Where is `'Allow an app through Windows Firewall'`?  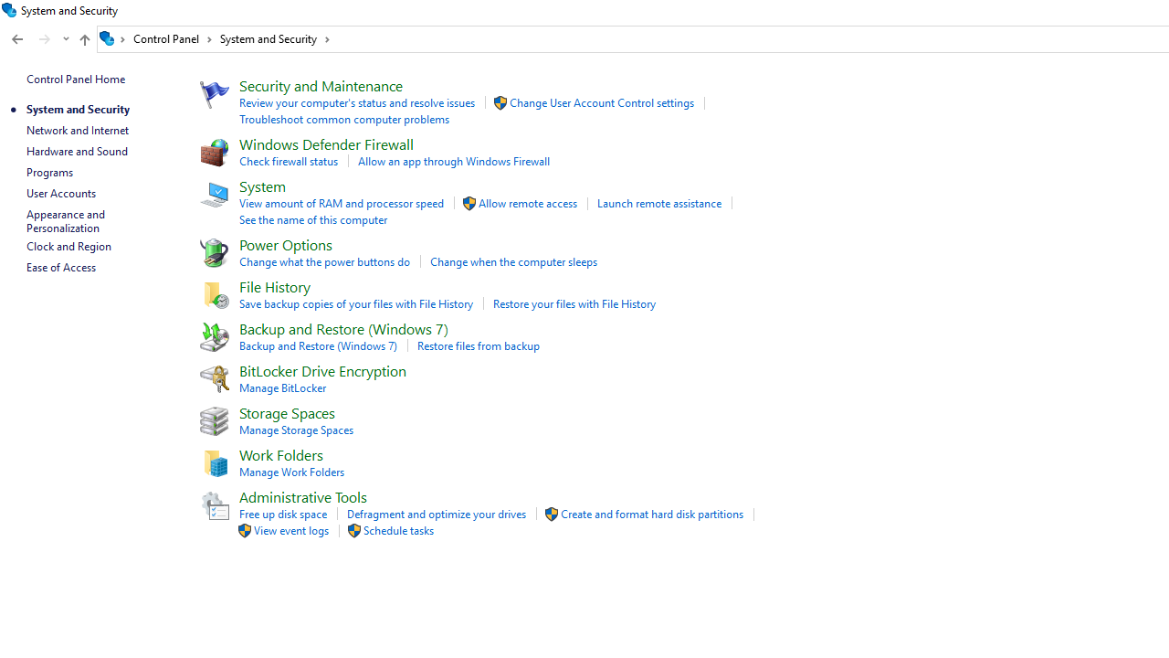
'Allow an app through Windows Firewall' is located at coordinates (454, 160).